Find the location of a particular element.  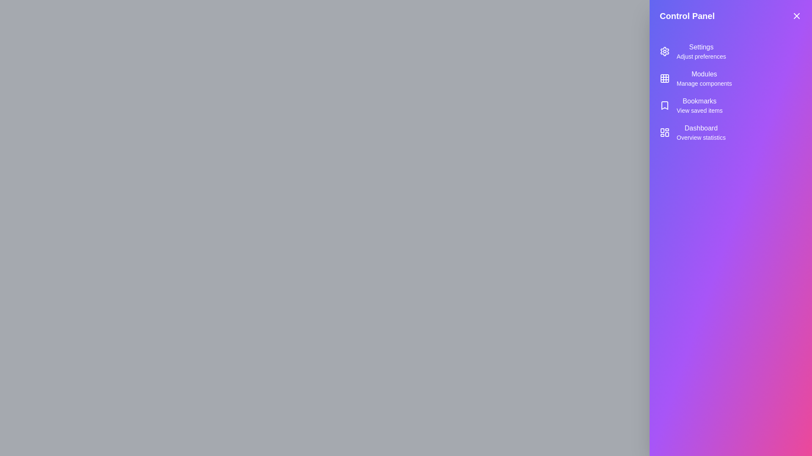

the 'Settings' navigation link in the right-hand sidebar is located at coordinates (730, 52).